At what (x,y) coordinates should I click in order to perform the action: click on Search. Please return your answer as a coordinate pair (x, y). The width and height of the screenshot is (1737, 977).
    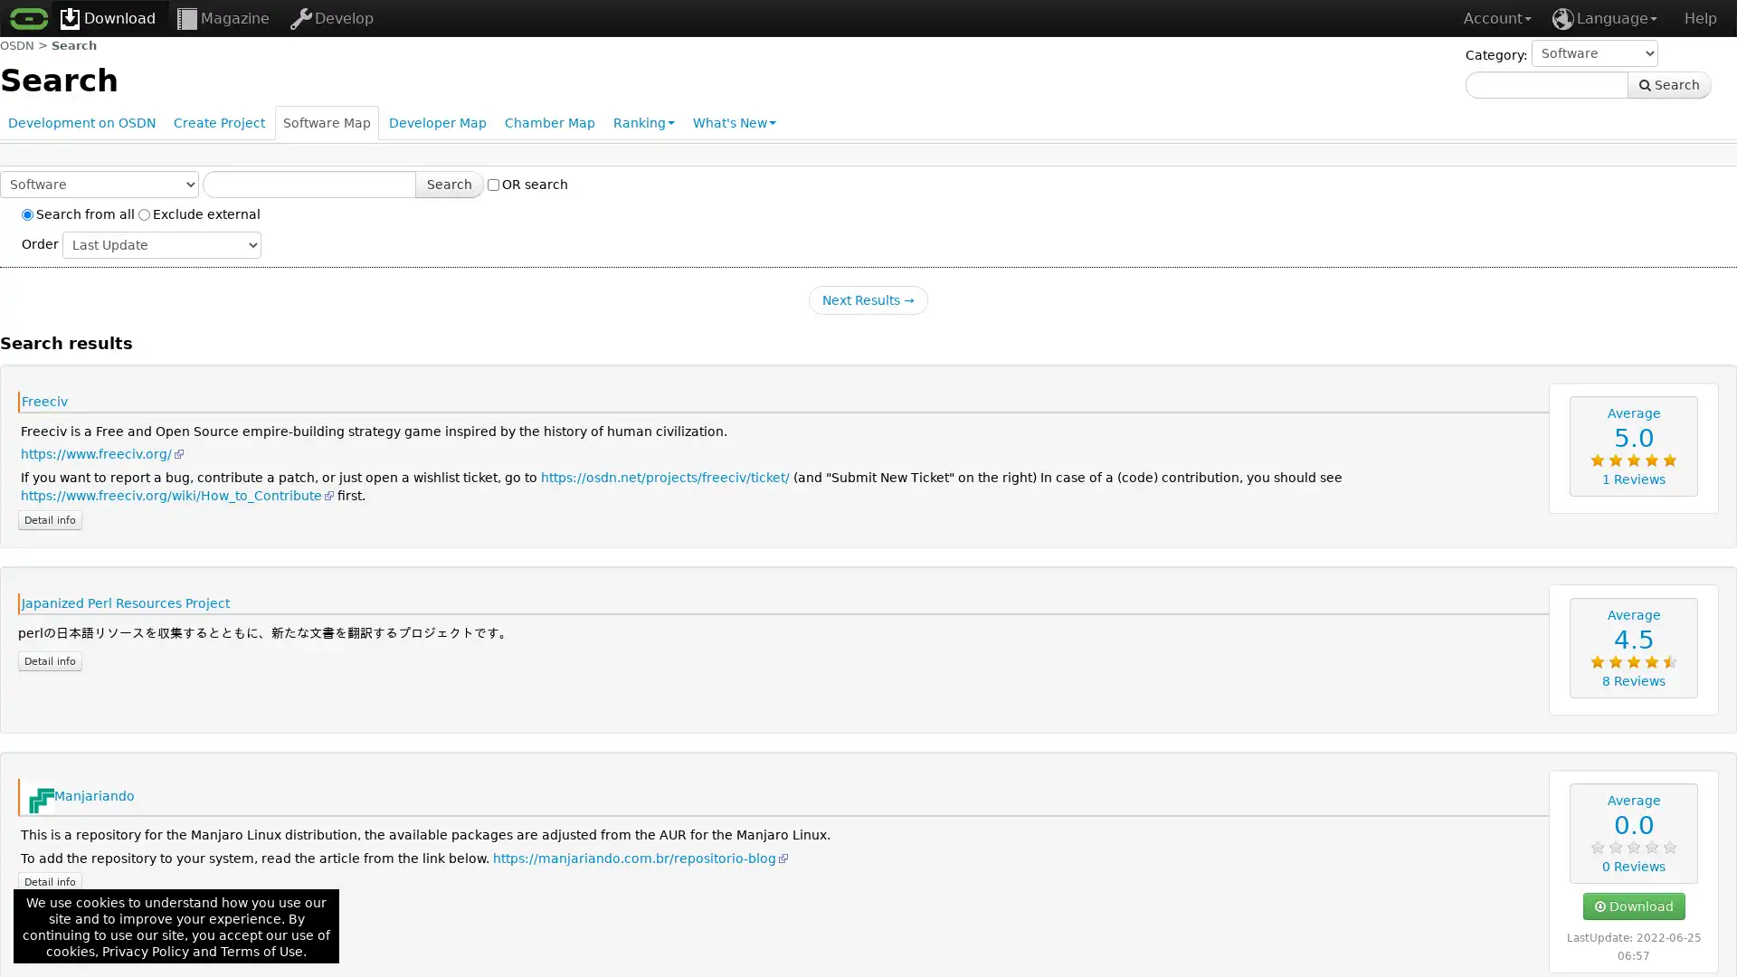
    Looking at the image, I should click on (450, 185).